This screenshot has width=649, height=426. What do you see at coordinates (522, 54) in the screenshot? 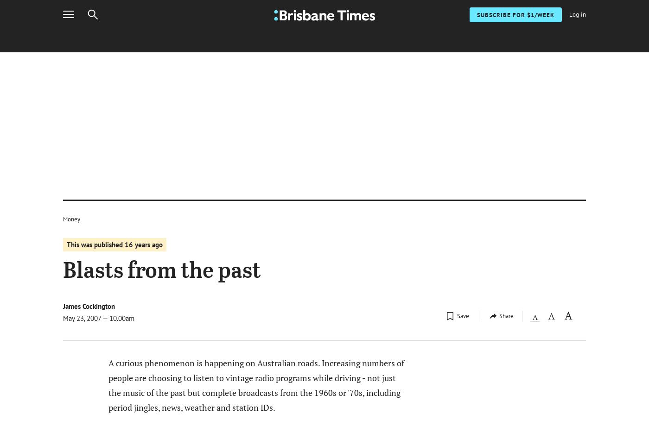
I see `'Dismiss'` at bounding box center [522, 54].